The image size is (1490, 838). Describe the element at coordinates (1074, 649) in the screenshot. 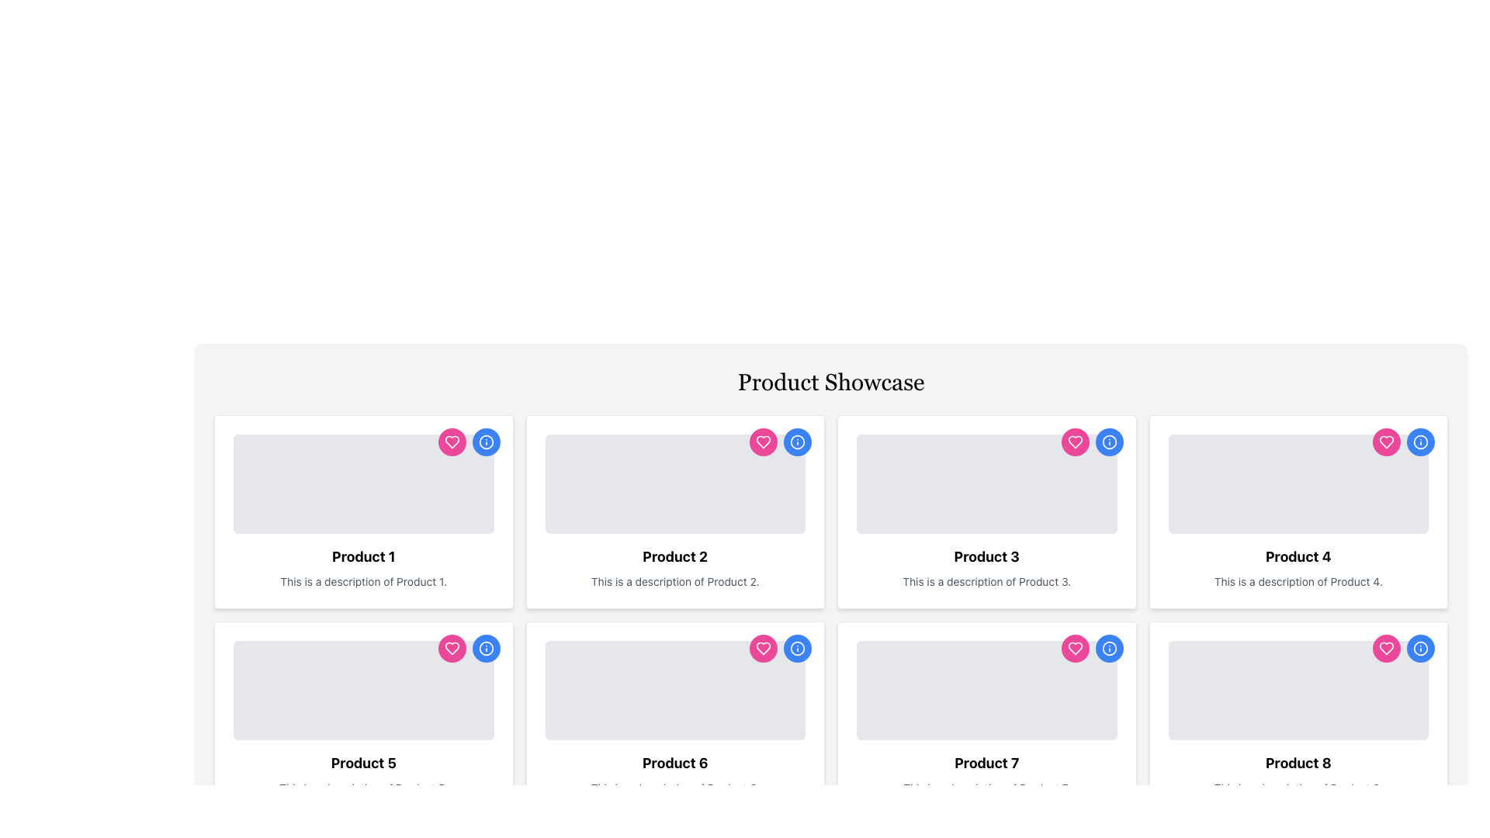

I see `the heart icon button in the top-right corner of the 'Product 3' card to mark it as a favorite` at that location.